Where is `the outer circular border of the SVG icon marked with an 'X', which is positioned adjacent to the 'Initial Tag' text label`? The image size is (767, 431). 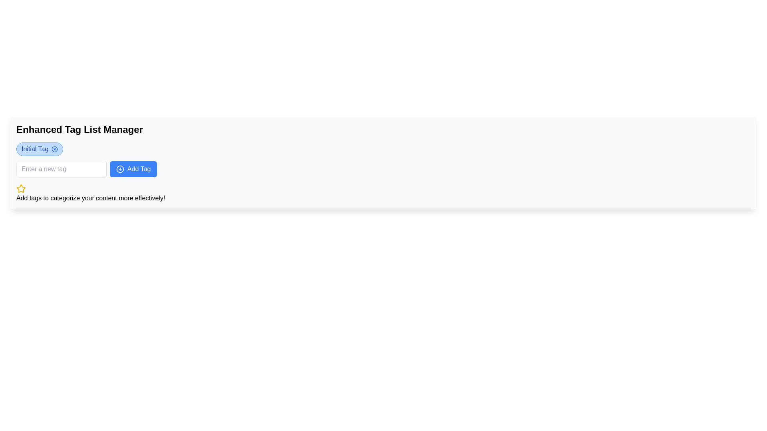 the outer circular border of the SVG icon marked with an 'X', which is positioned adjacent to the 'Initial Tag' text label is located at coordinates (54, 149).